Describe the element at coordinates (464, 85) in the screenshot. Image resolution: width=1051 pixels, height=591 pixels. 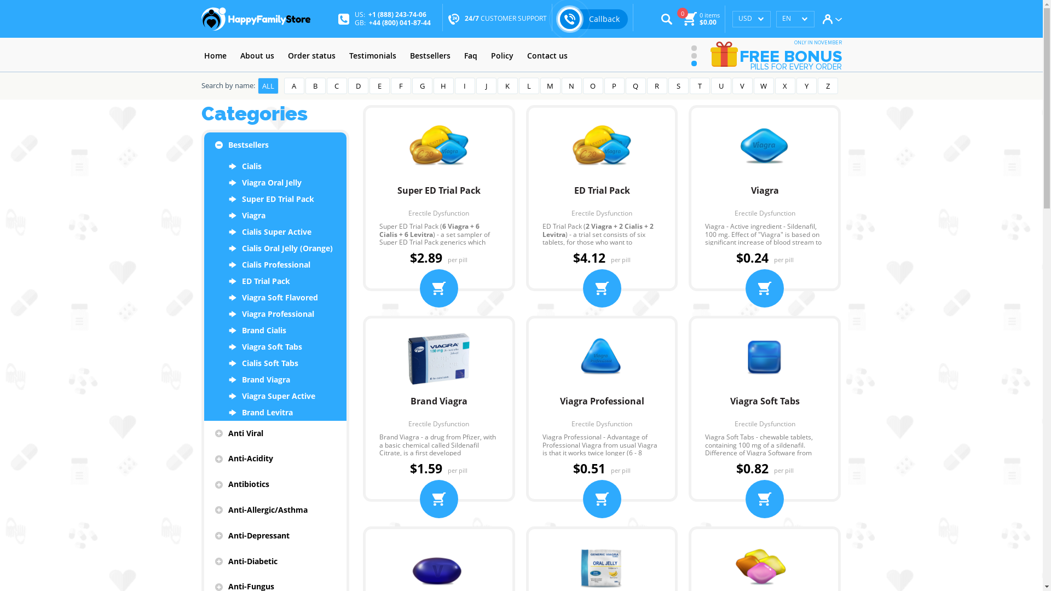
I see `'I'` at that location.